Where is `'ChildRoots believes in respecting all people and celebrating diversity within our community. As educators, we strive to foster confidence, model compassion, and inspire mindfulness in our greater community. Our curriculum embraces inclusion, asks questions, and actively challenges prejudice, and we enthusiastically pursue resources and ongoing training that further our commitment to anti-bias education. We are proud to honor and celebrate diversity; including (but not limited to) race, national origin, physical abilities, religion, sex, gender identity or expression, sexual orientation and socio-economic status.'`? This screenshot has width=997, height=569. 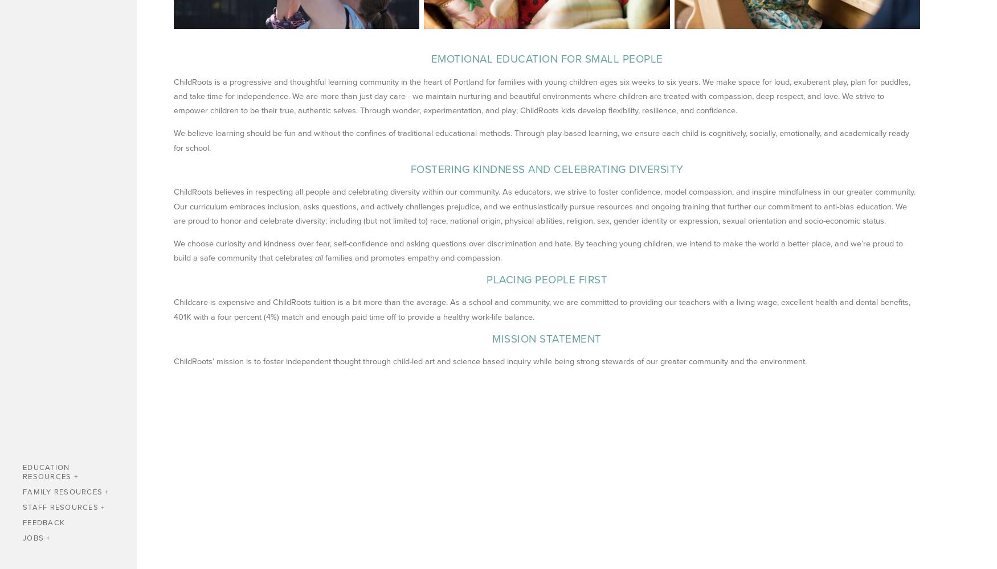 'ChildRoots believes in respecting all people and celebrating diversity within our community. As educators, we strive to foster confidence, model compassion, and inspire mindfulness in our greater community. Our curriculum embraces inclusion, asks questions, and actively challenges prejudice, and we enthusiastically pursue resources and ongoing training that further our commitment to anti-bias education. We are proud to honor and celebrate diversity; including (but not limited to) race, national origin, physical abilities, religion, sex, gender identity or expression, sexual orientation and socio-economic status.' is located at coordinates (545, 205).